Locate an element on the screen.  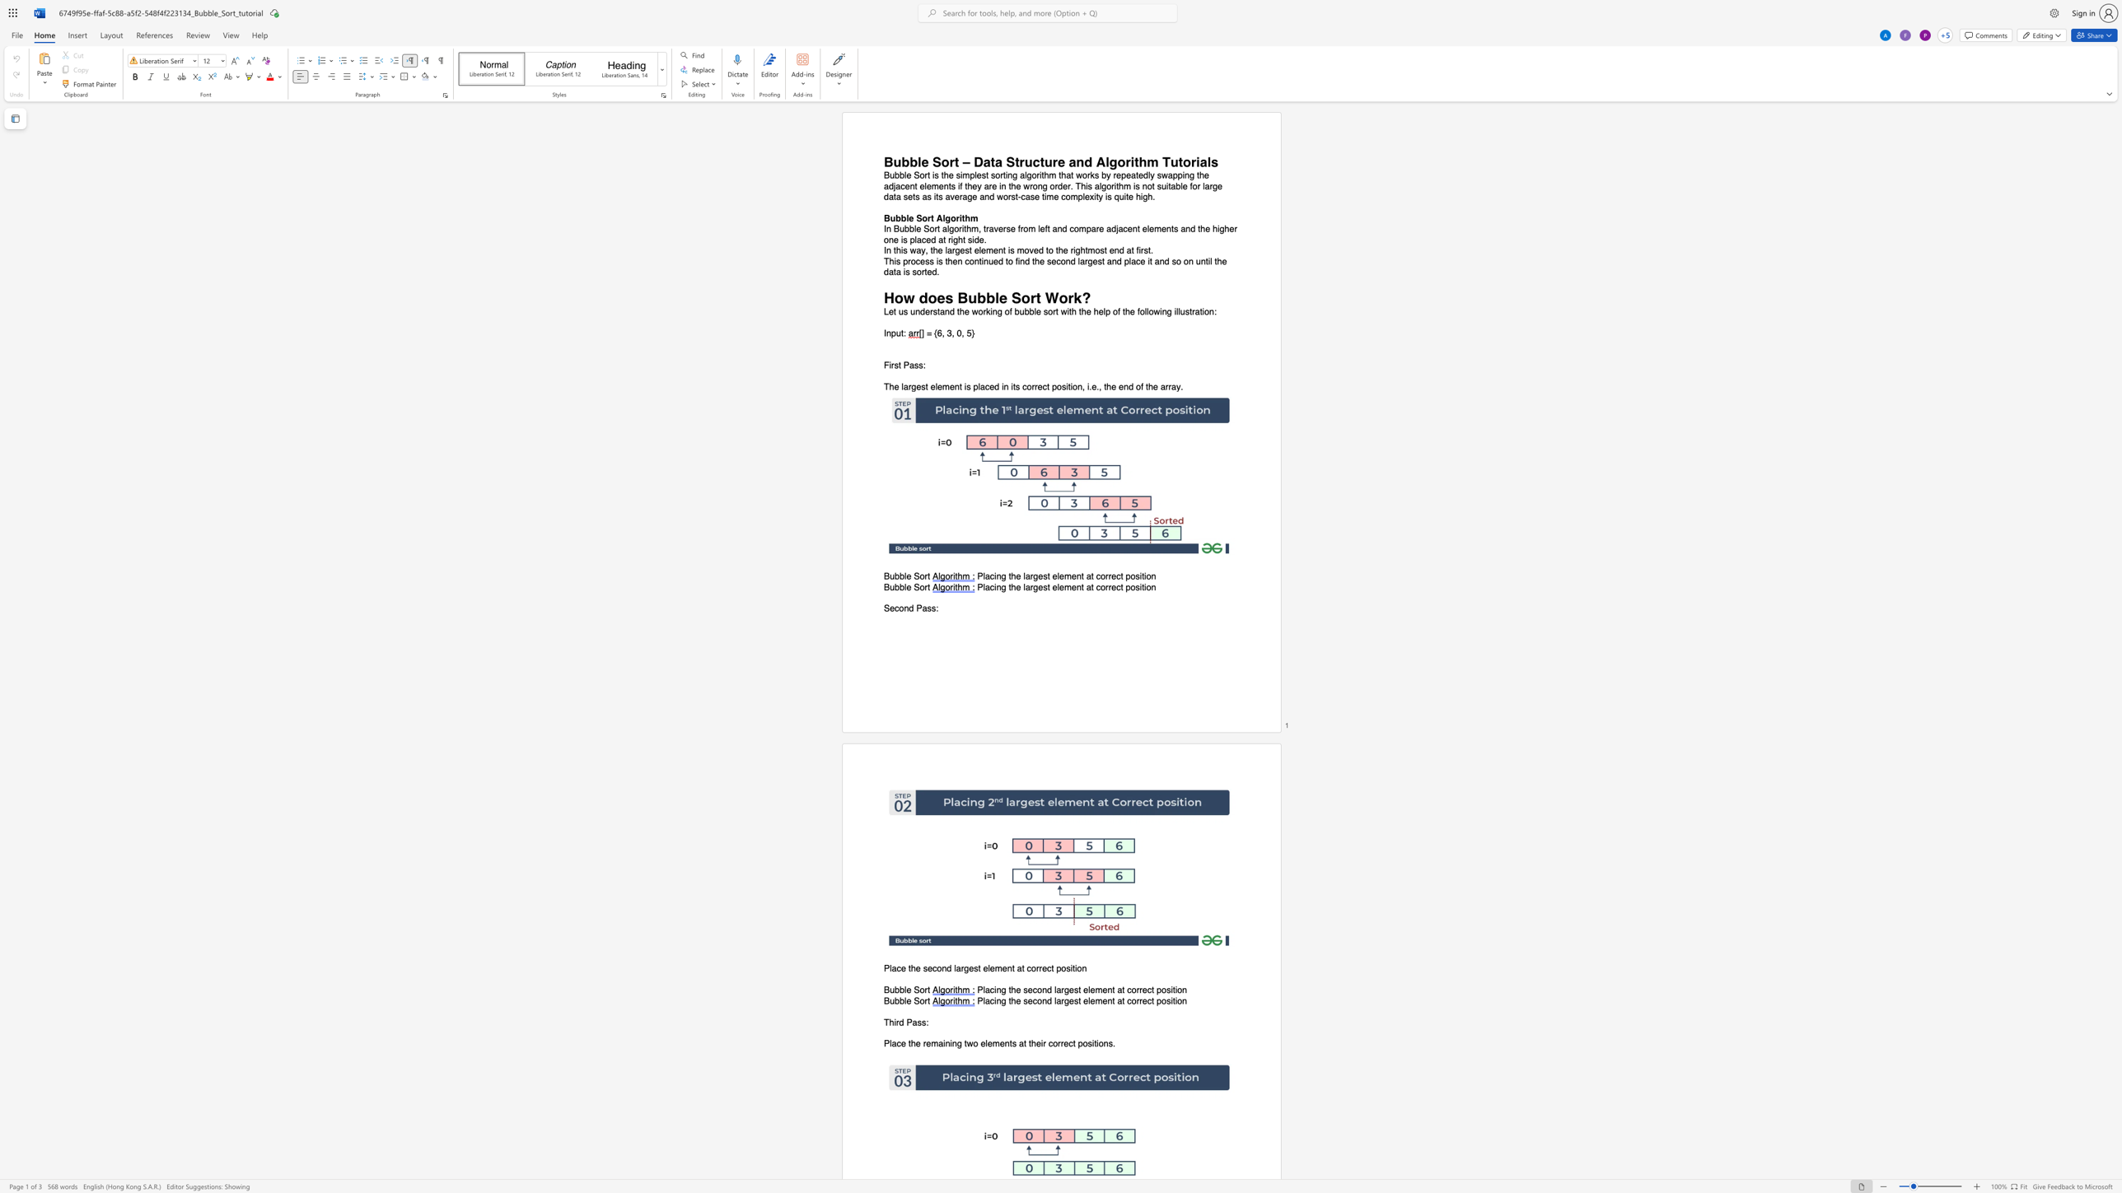
the 1th character "l" in the text is located at coordinates (905, 990).